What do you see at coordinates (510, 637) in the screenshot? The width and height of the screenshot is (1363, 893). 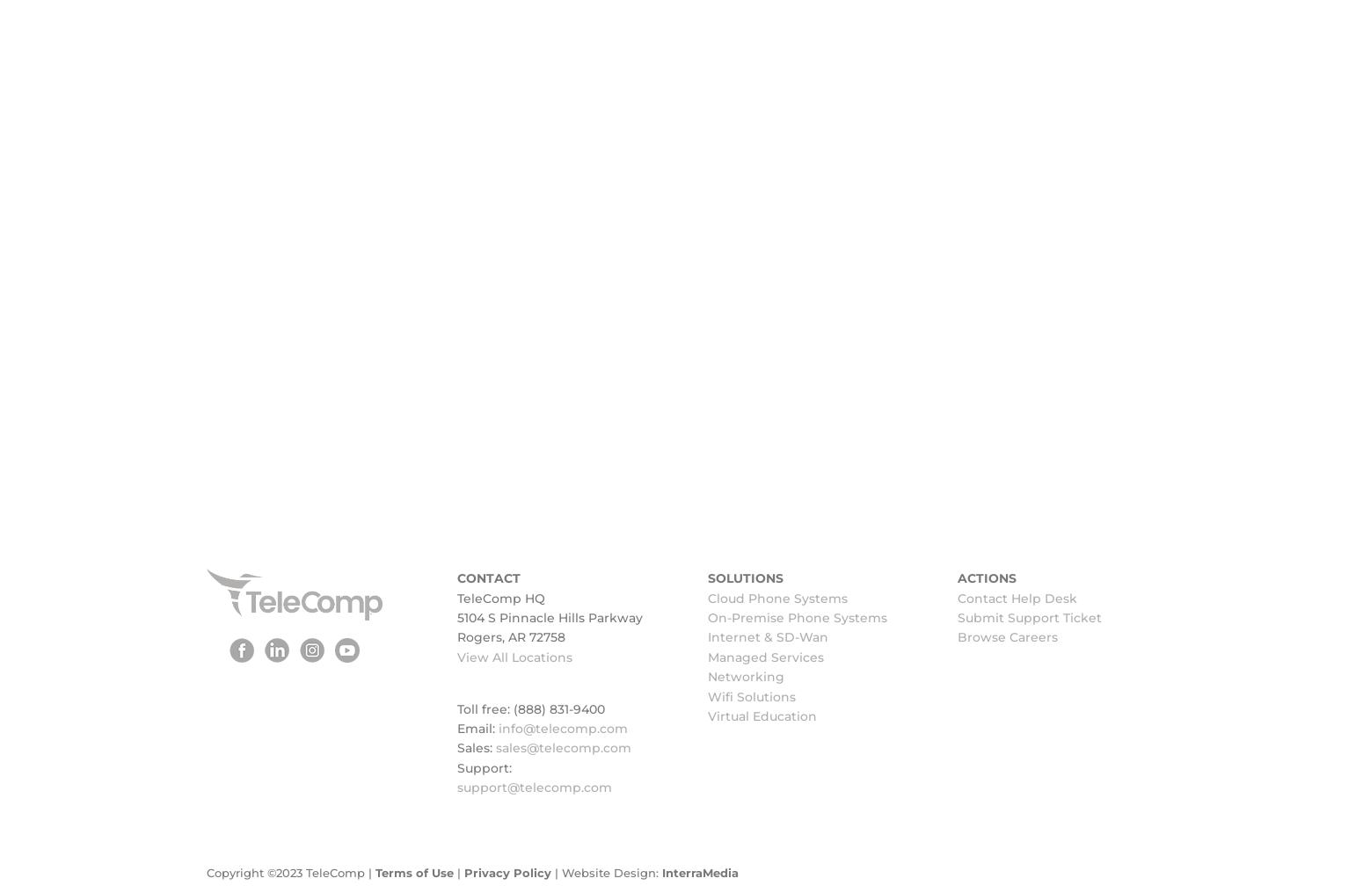 I see `'Rogers, AR 72758'` at bounding box center [510, 637].